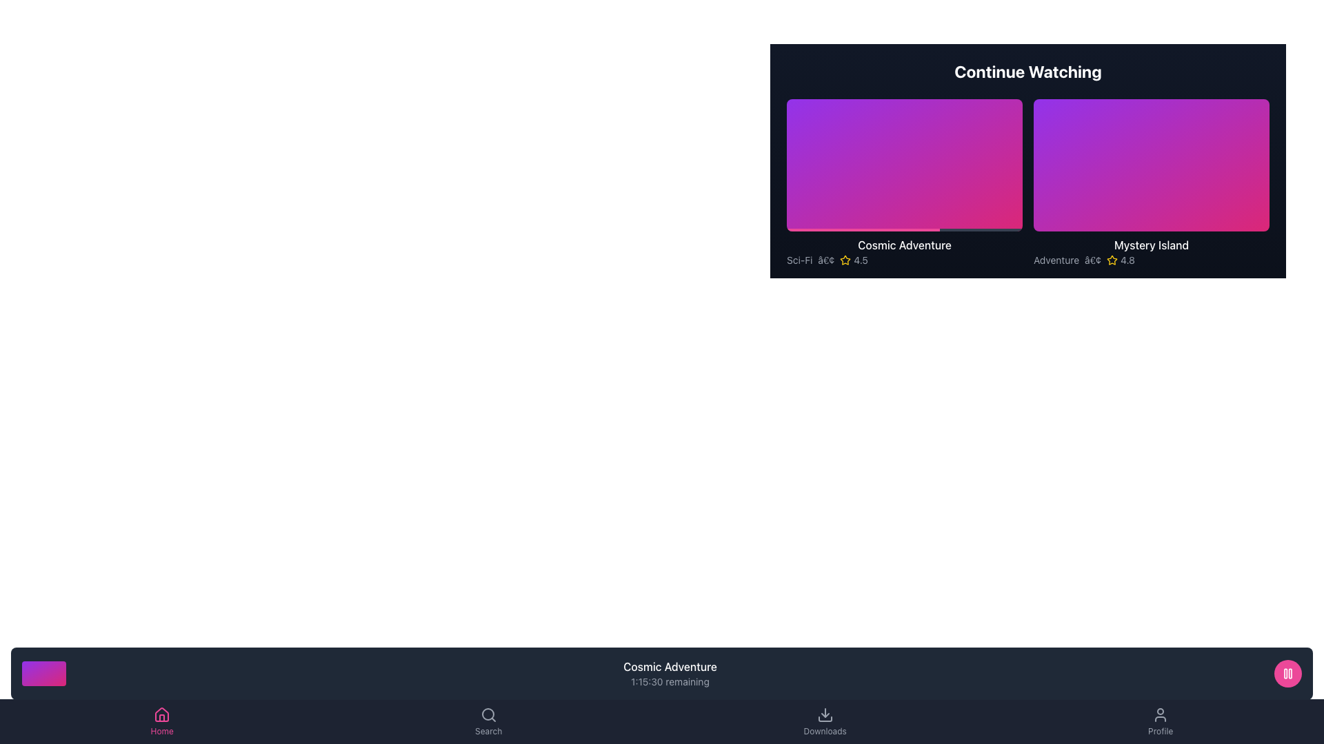  Describe the element at coordinates (1152, 164) in the screenshot. I see `the playback button located centrally within the 'Mystery Island' media card` at that location.